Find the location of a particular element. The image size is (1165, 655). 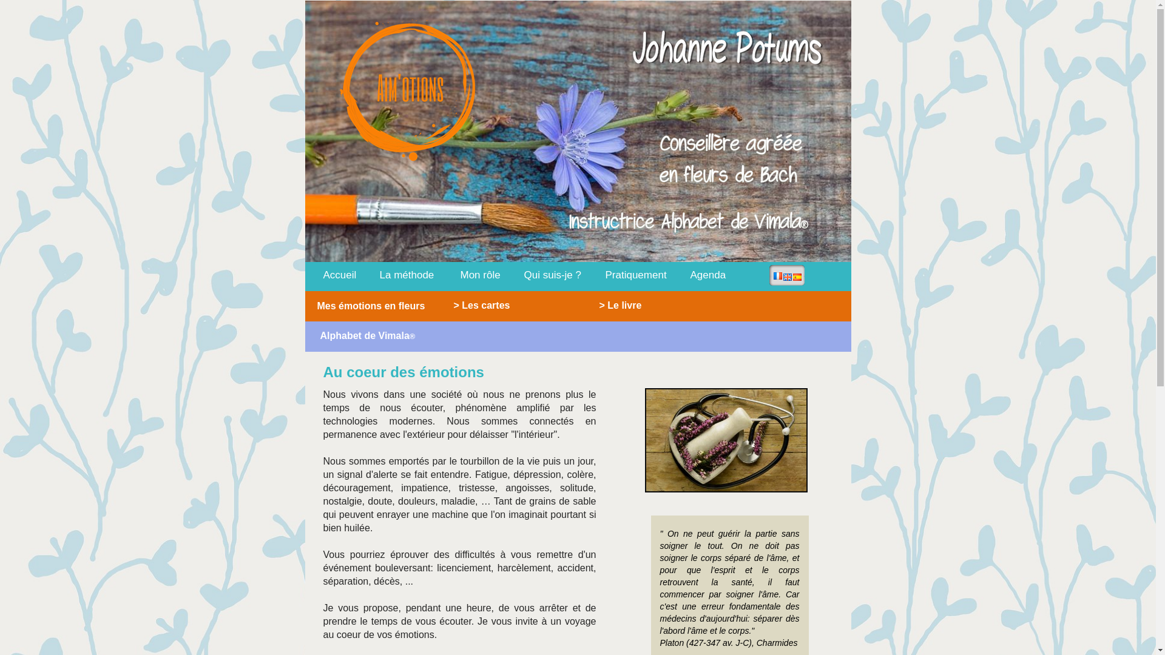

'> Les cartes' is located at coordinates (443, 303).